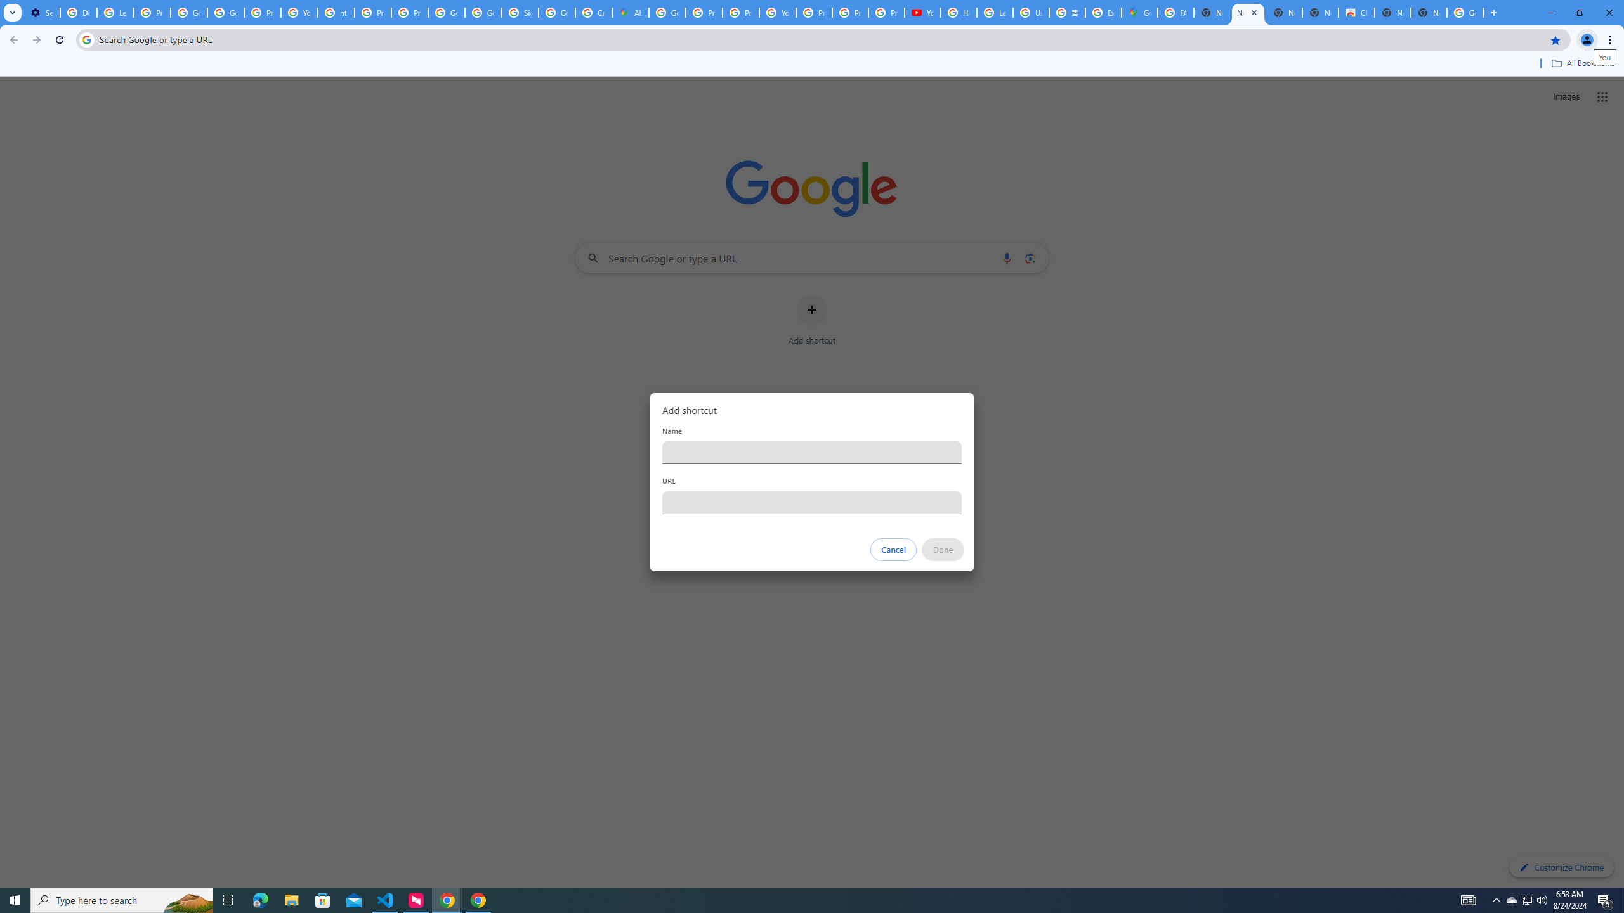  What do you see at coordinates (1103, 12) in the screenshot?
I see `'Explore new street-level details - Google Maps Help'` at bounding box center [1103, 12].